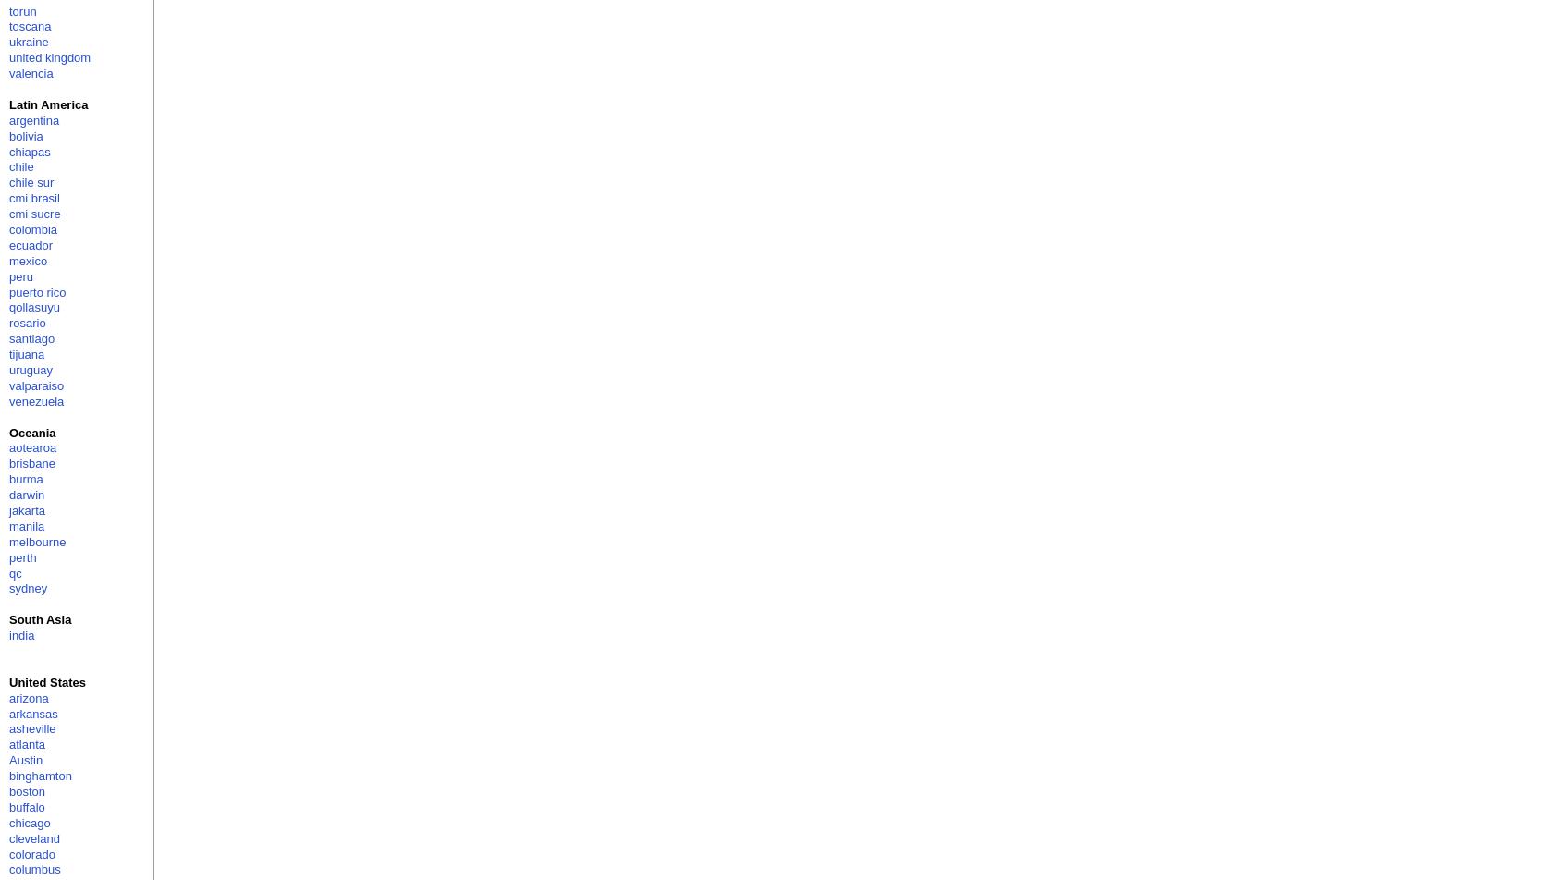 The width and height of the screenshot is (1565, 880). What do you see at coordinates (20, 635) in the screenshot?
I see `'india'` at bounding box center [20, 635].